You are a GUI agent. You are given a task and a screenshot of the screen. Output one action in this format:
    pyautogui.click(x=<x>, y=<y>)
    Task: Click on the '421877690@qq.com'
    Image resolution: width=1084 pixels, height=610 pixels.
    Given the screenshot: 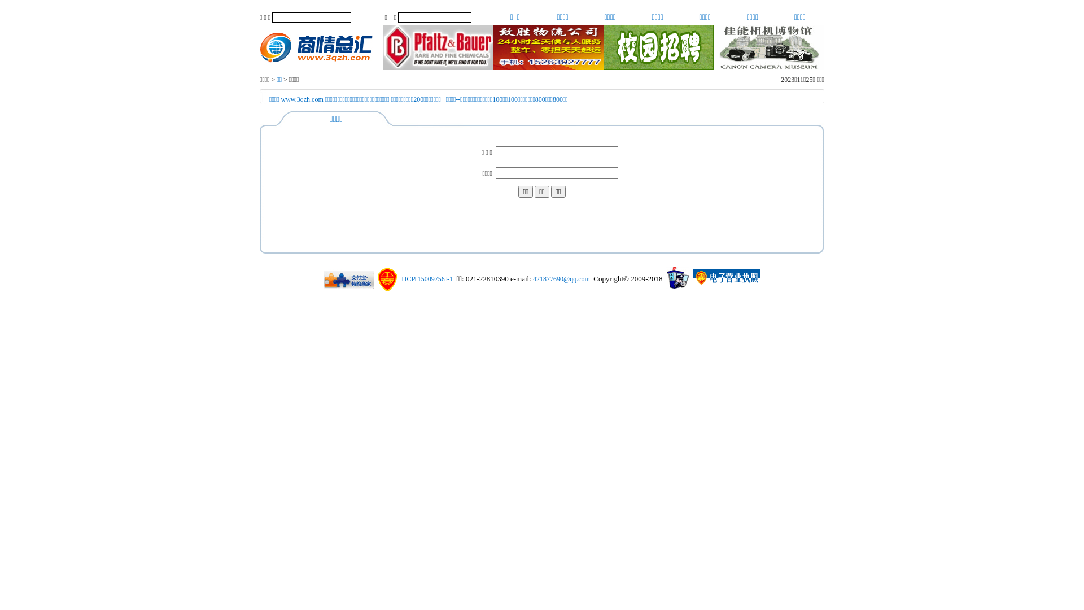 What is the action you would take?
    pyautogui.click(x=561, y=278)
    